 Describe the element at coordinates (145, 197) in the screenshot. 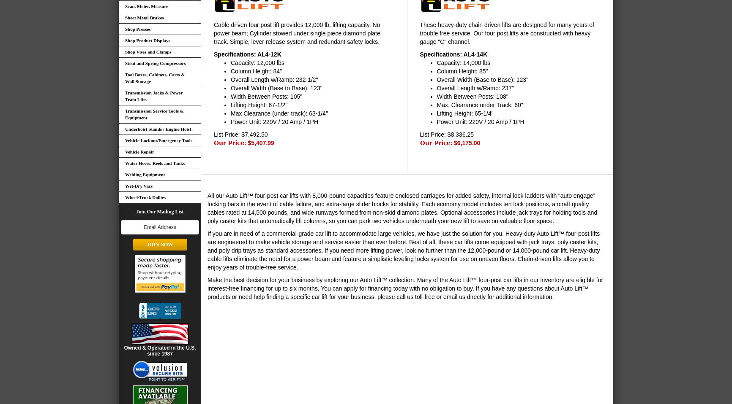

I see `'Wheel/Truck Dollies'` at that location.